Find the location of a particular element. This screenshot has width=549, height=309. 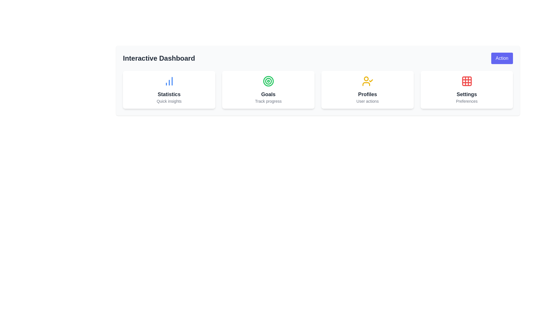

the central circular component of the user profile icon located in the third column of the dashboard below the 'Profiles' heading is located at coordinates (366, 79).